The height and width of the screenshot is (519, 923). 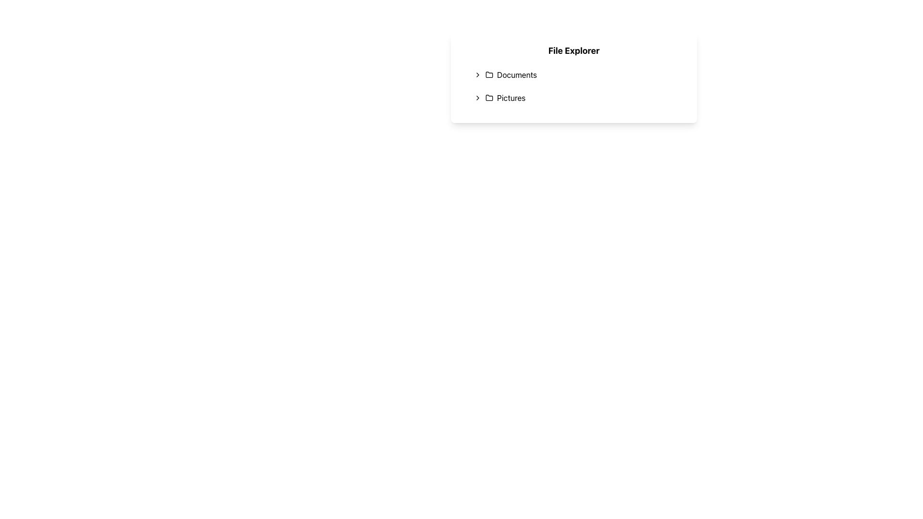 I want to click on the text label element that reads 'Pictures', so click(x=511, y=98).